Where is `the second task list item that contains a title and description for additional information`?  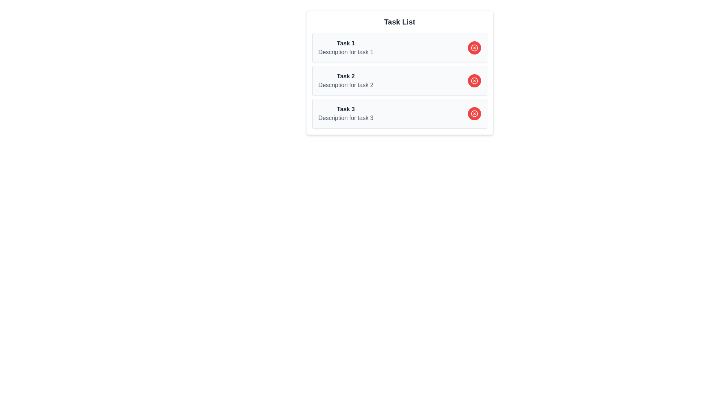
the second task list item that contains a title and description for additional information is located at coordinates (399, 73).